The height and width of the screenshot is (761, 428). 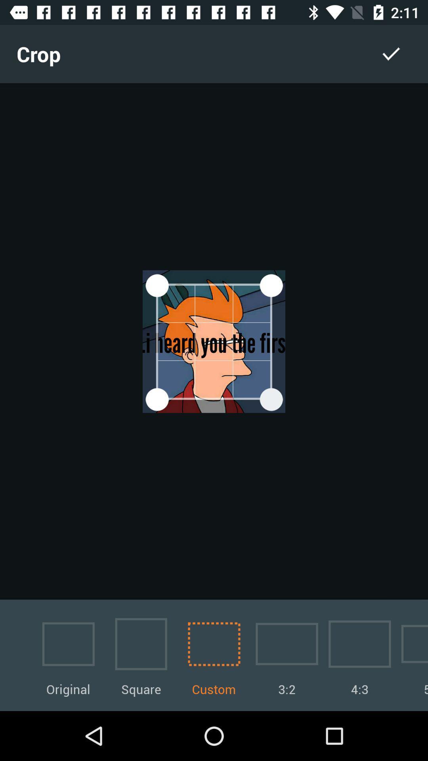 What do you see at coordinates (391, 54) in the screenshot?
I see `item next to the crop` at bounding box center [391, 54].